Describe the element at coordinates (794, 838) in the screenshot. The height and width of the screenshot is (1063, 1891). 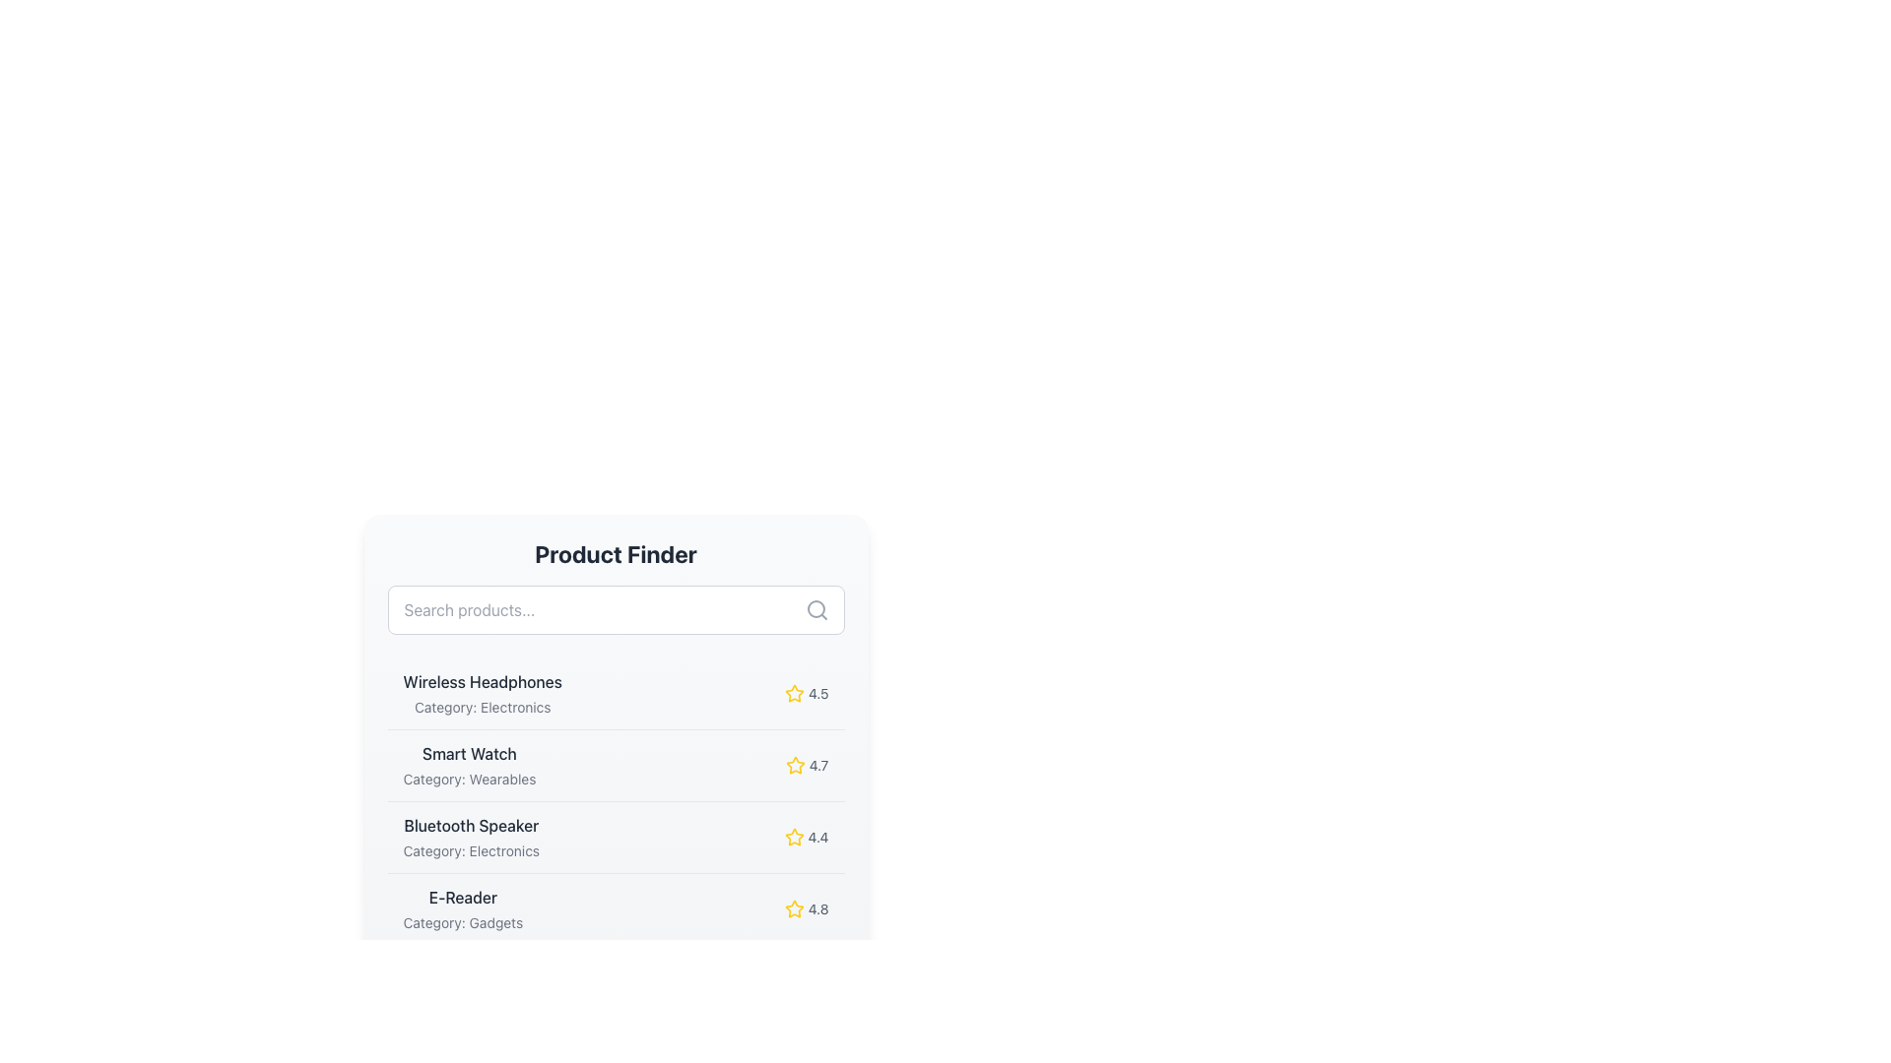
I see `the yellow star icon representing a rating of 4.4, located to the left of the numerical value in the list entry for 'Bluetooth Speaker'` at that location.